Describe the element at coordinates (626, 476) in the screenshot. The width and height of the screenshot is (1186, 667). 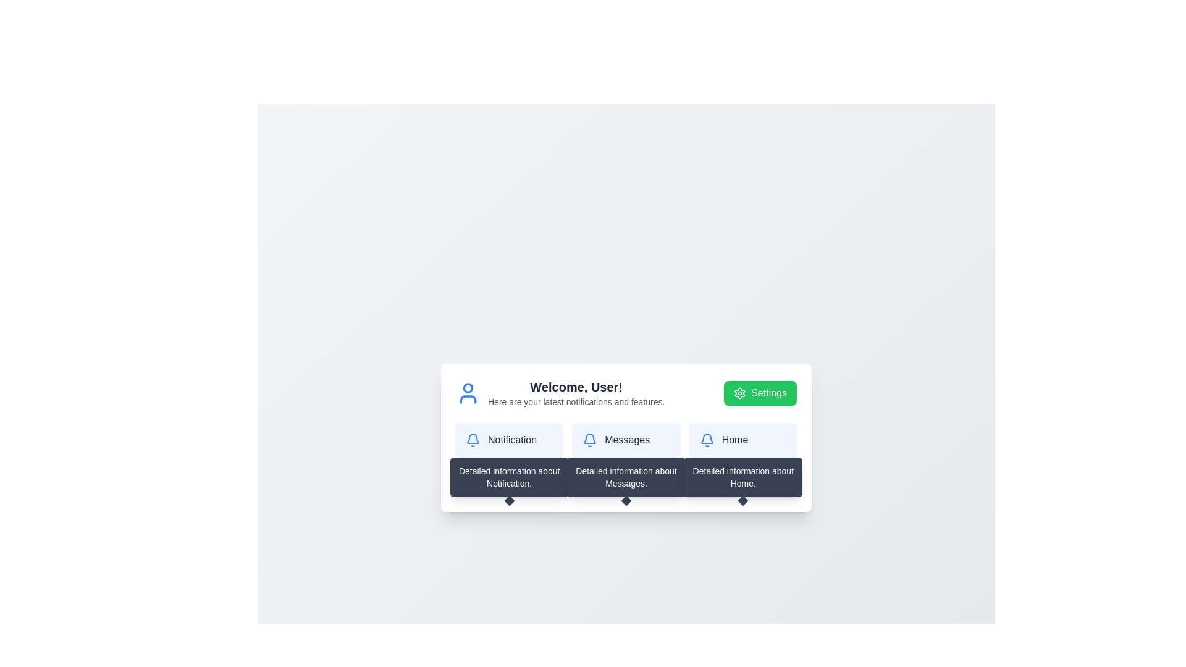
I see `the tooltip that provides additional details about the 'Messages' section, which is centrally aligned below the 'Messages' informational section` at that location.